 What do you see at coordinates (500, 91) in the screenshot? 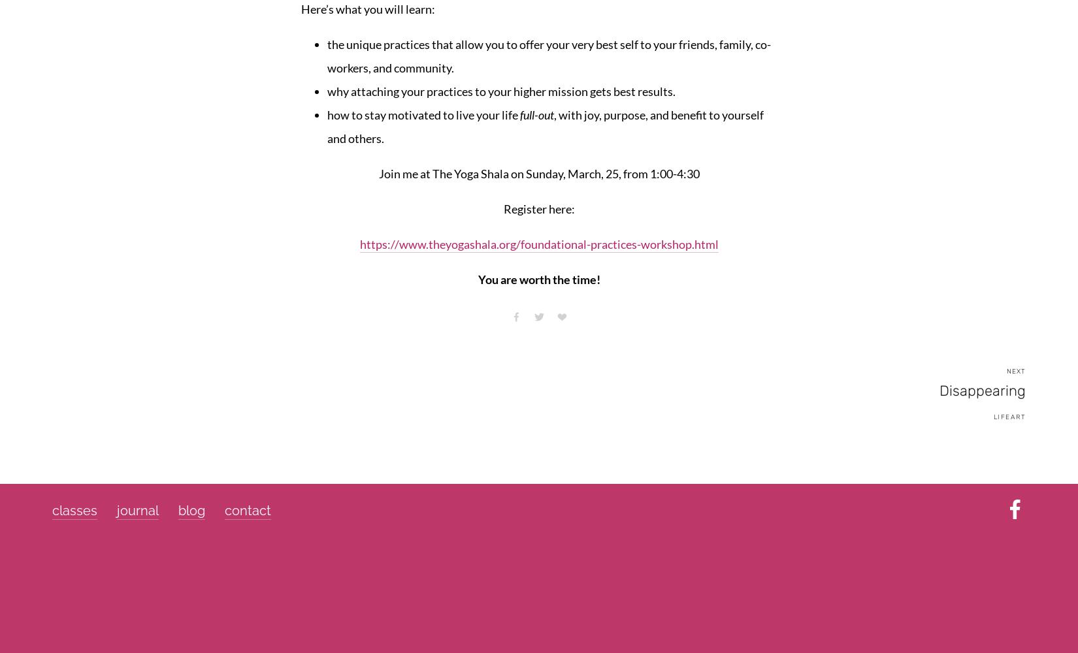
I see `'why attaching your practices to your higher mission gets best results.'` at bounding box center [500, 91].